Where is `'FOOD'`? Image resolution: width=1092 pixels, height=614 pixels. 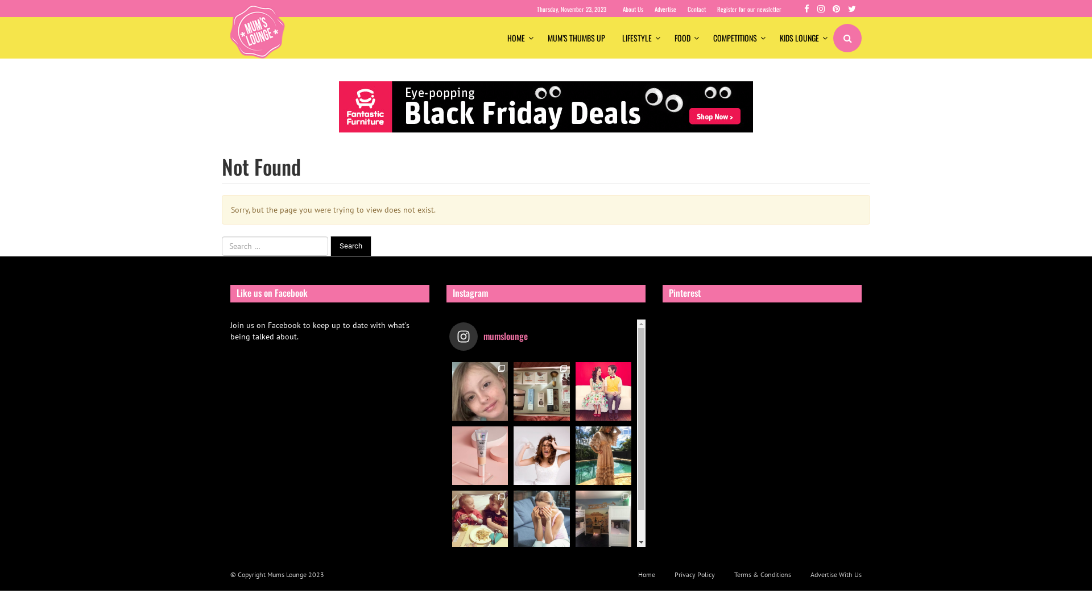
'FOOD' is located at coordinates (684, 37).